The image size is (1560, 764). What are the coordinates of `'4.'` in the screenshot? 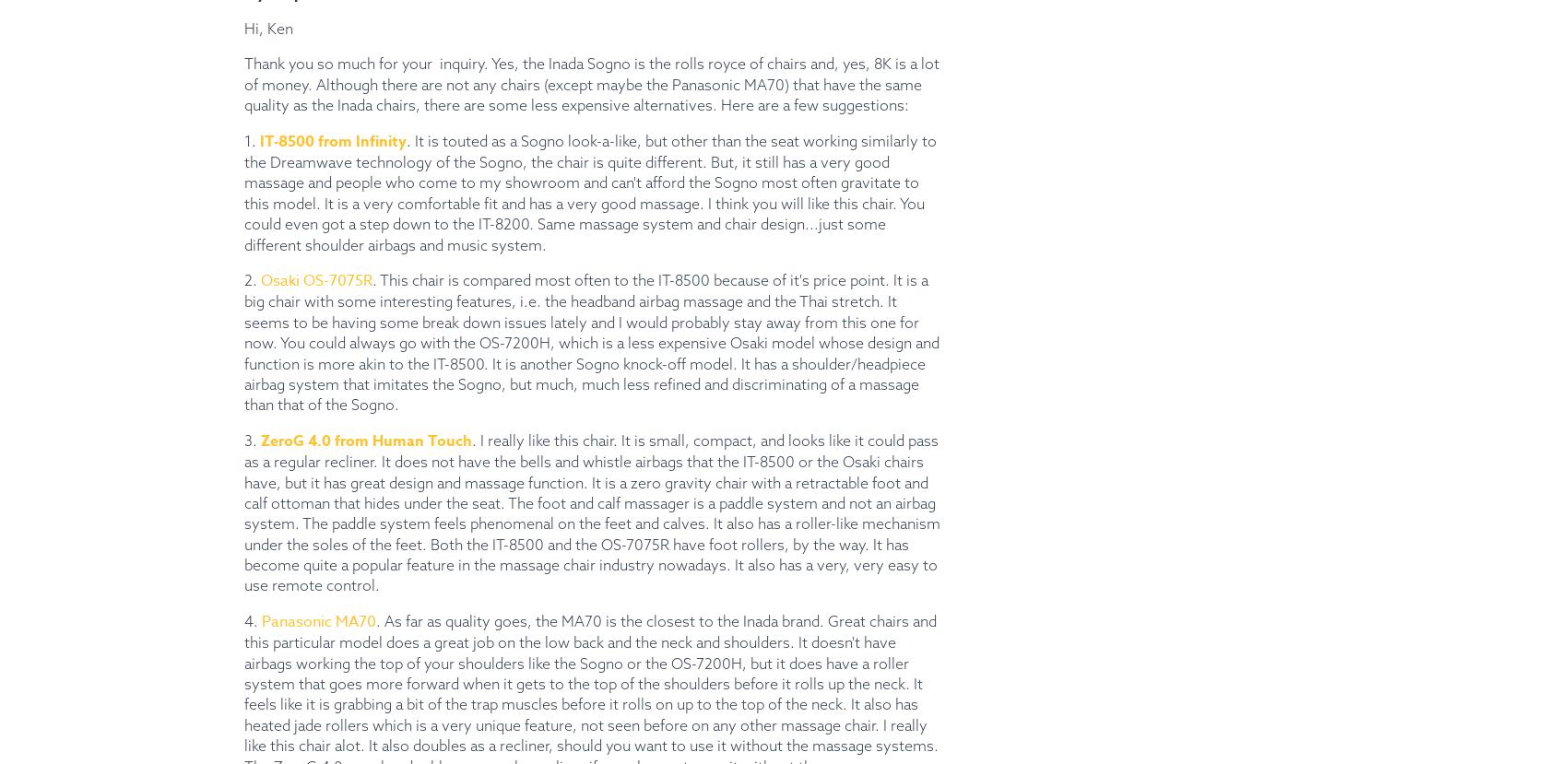 It's located at (253, 618).